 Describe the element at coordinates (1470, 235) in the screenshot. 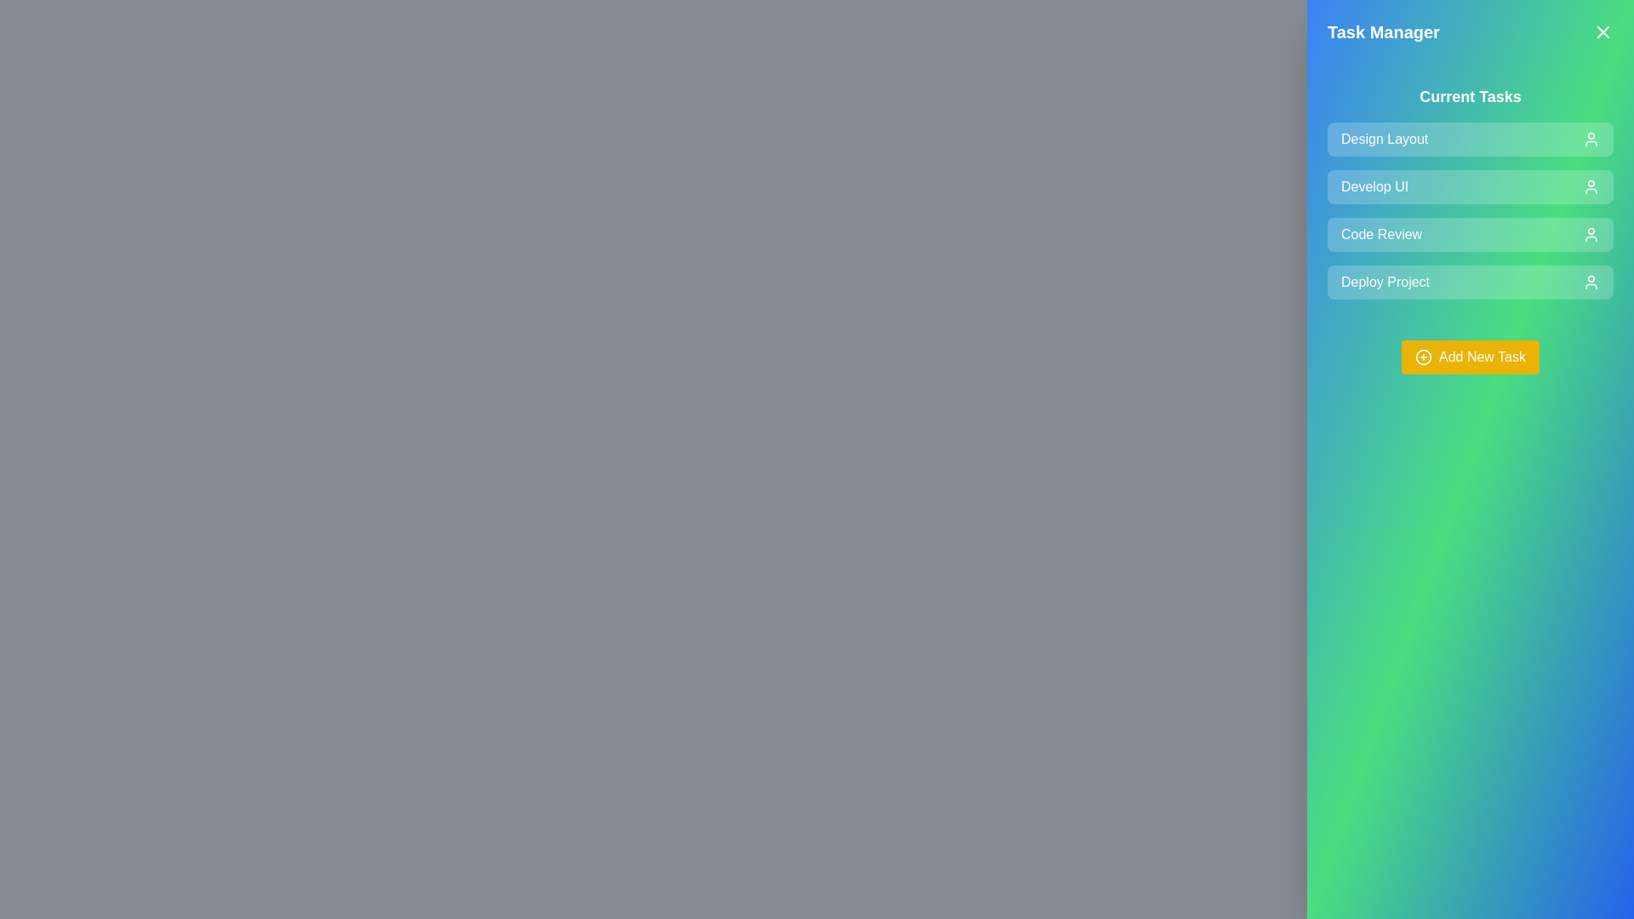

I see `the 'Code Review' button located in the 'Current Tasks' section` at that location.